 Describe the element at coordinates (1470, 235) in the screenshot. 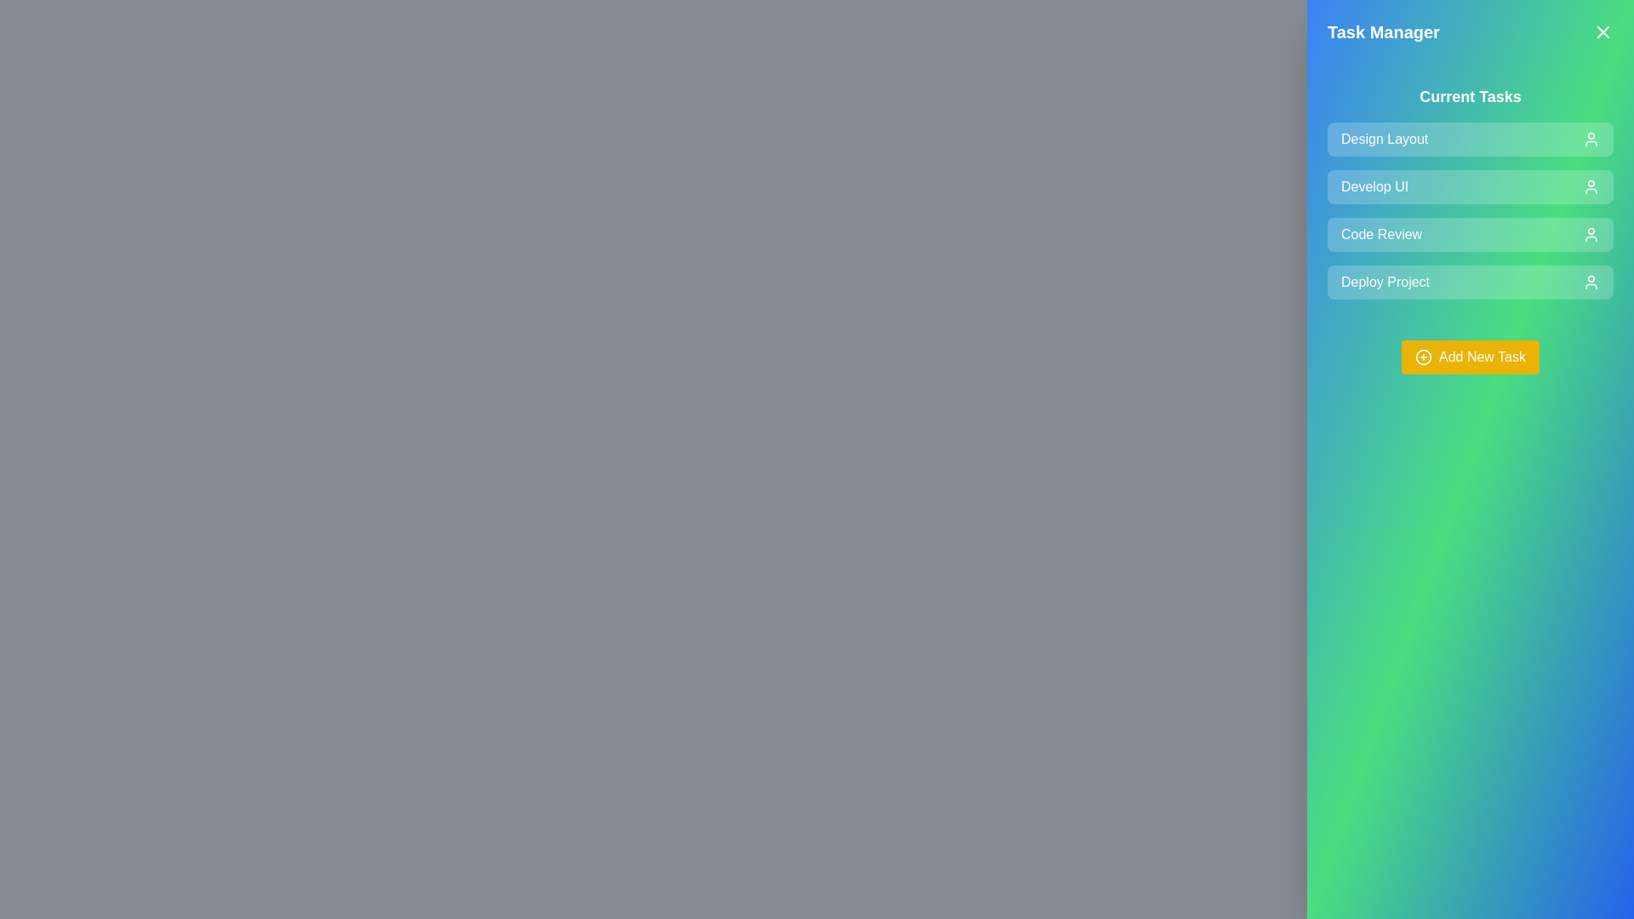

I see `the 'Code Review' button located in the 'Current Tasks' section` at that location.